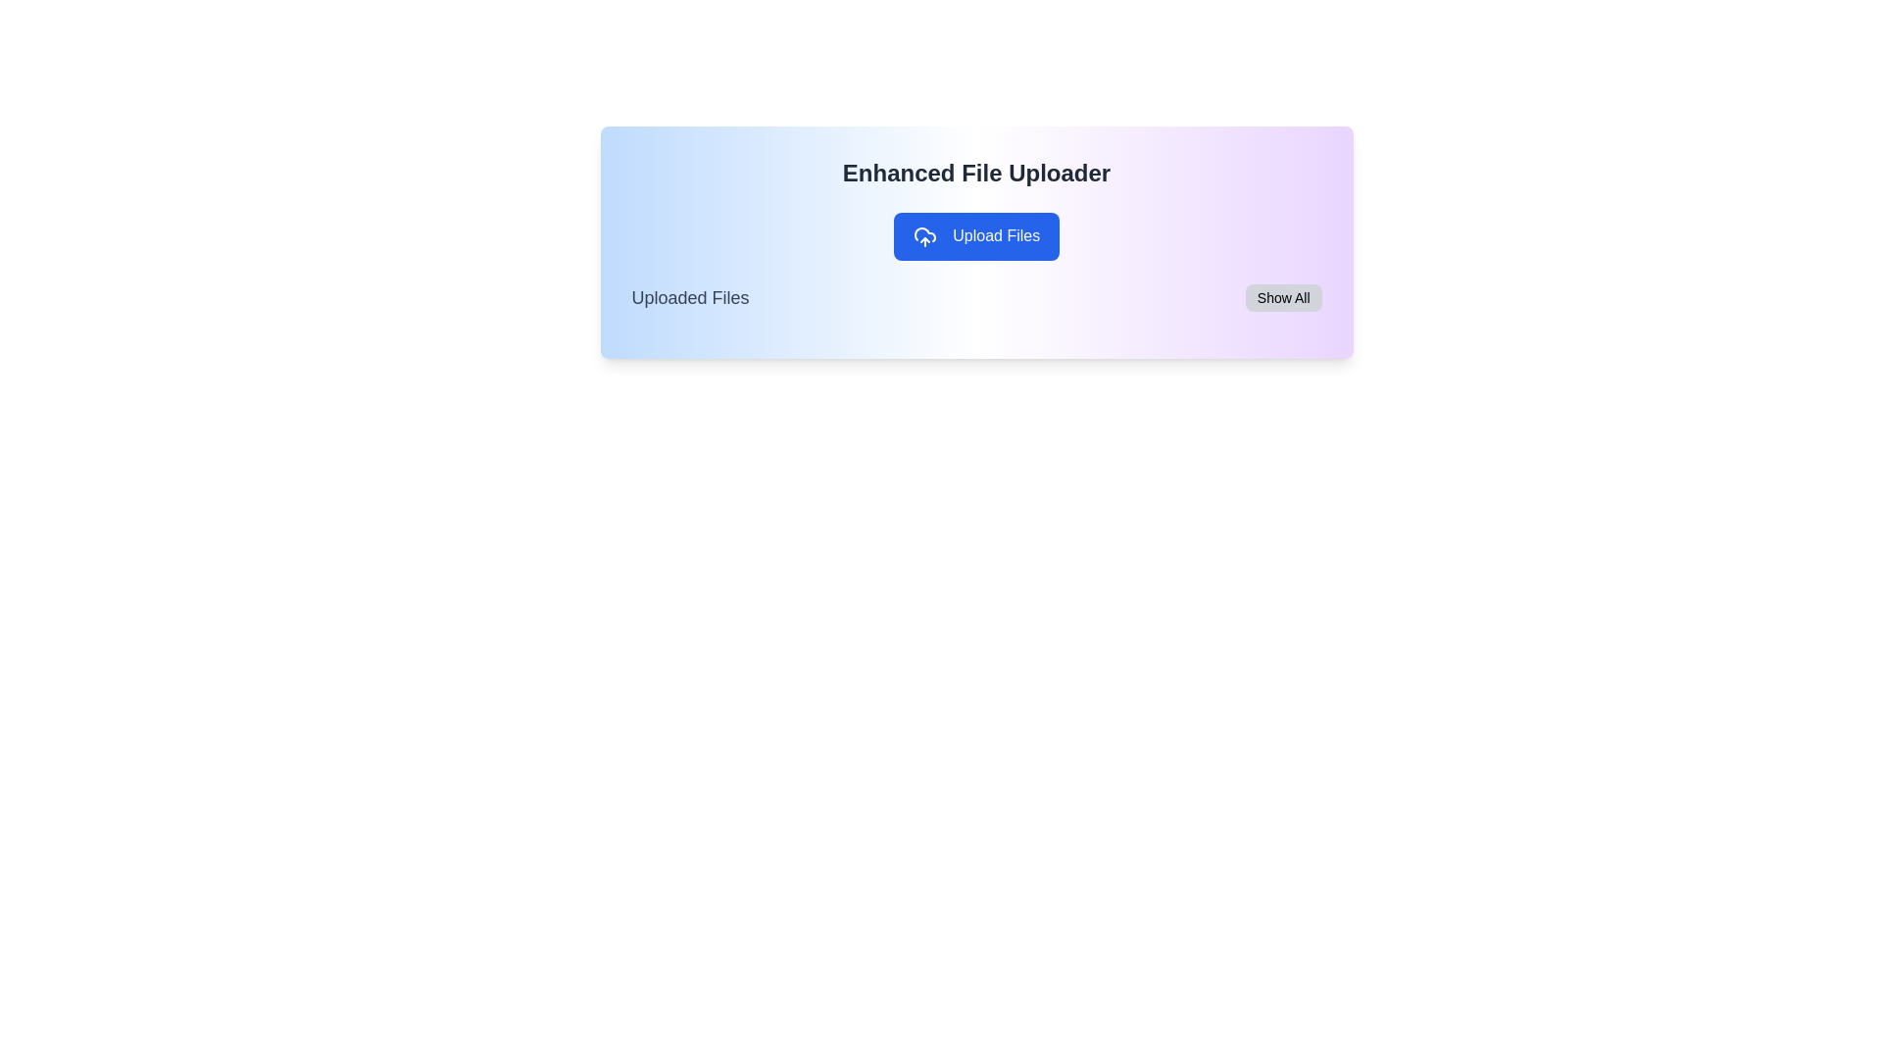  I want to click on the label or text header indicating the section for uploaded files, positioned in the bottom-left corner of the interface, relative to the 'Show All' button, so click(690, 297).